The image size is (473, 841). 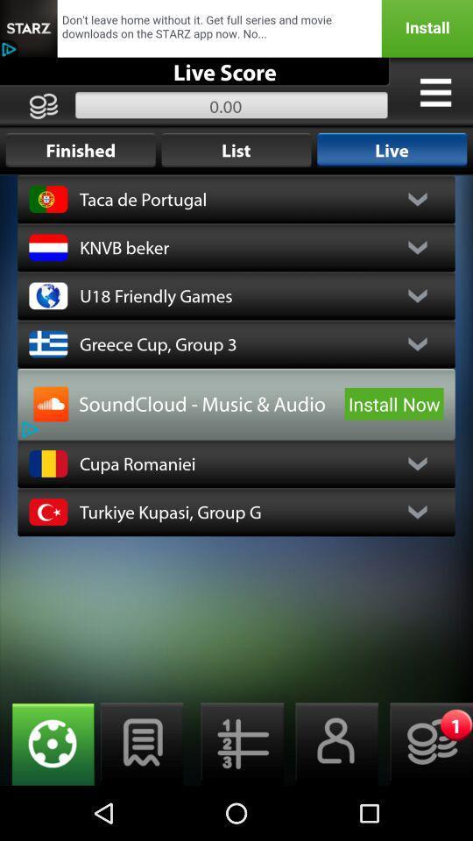 I want to click on the globe icon, so click(x=47, y=796).